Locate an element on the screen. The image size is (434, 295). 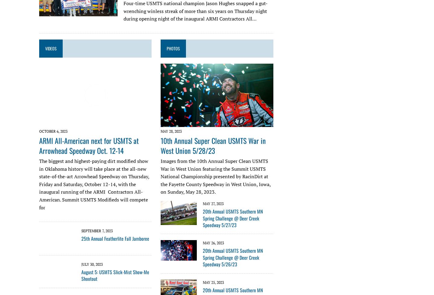
'May 27, 2023' is located at coordinates (213, 203).